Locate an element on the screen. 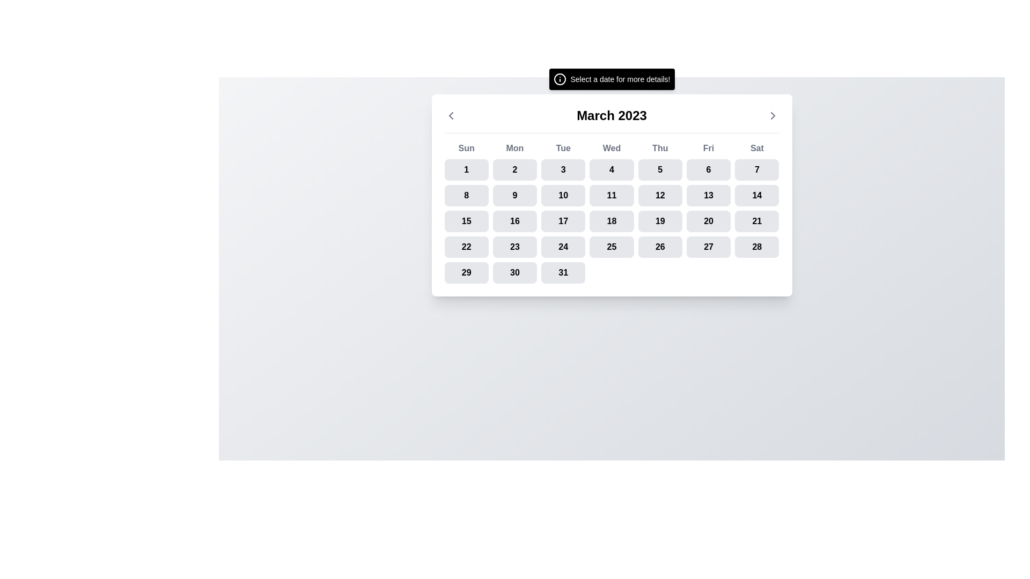 This screenshot has height=579, width=1030. the button representing the 21st day in the calendar view is located at coordinates (756, 220).